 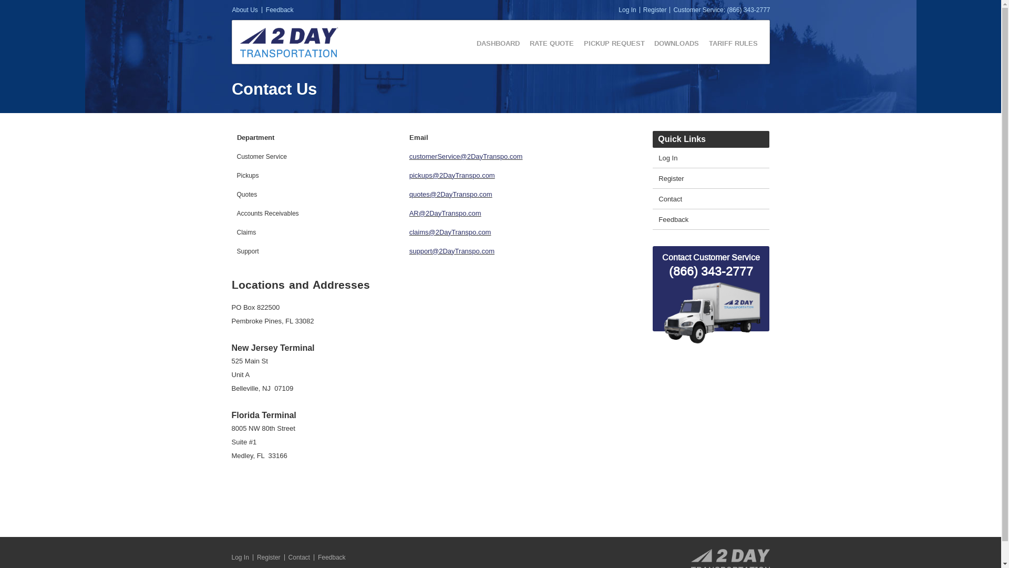 I want to click on 'pickups@2DayTranspo.com', so click(x=452, y=175).